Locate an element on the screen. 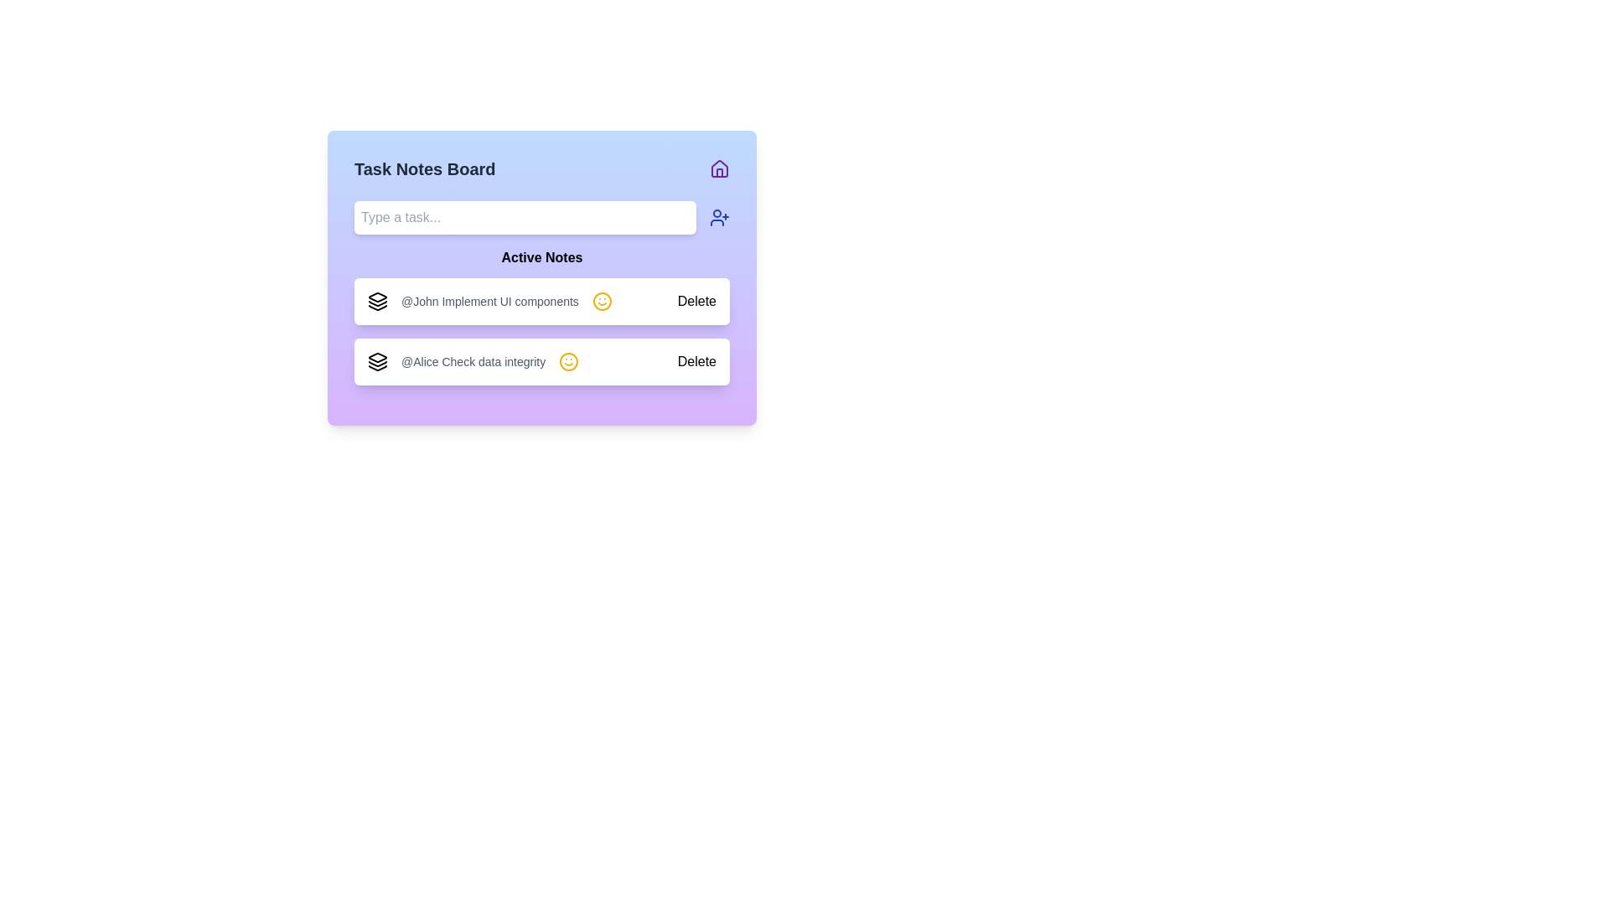 This screenshot has height=905, width=1609. the icon representing the first entry in the active notes section, located on the left side of the application interface is located at coordinates (377, 296).